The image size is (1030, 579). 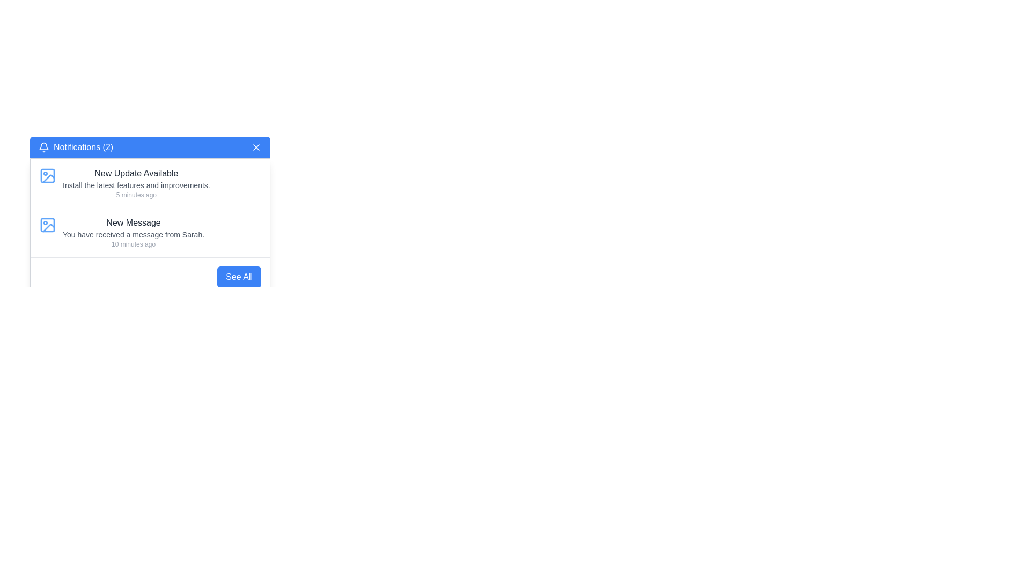 What do you see at coordinates (43, 147) in the screenshot?
I see `the notification indicator located at the top-left corner of the notification popup` at bounding box center [43, 147].